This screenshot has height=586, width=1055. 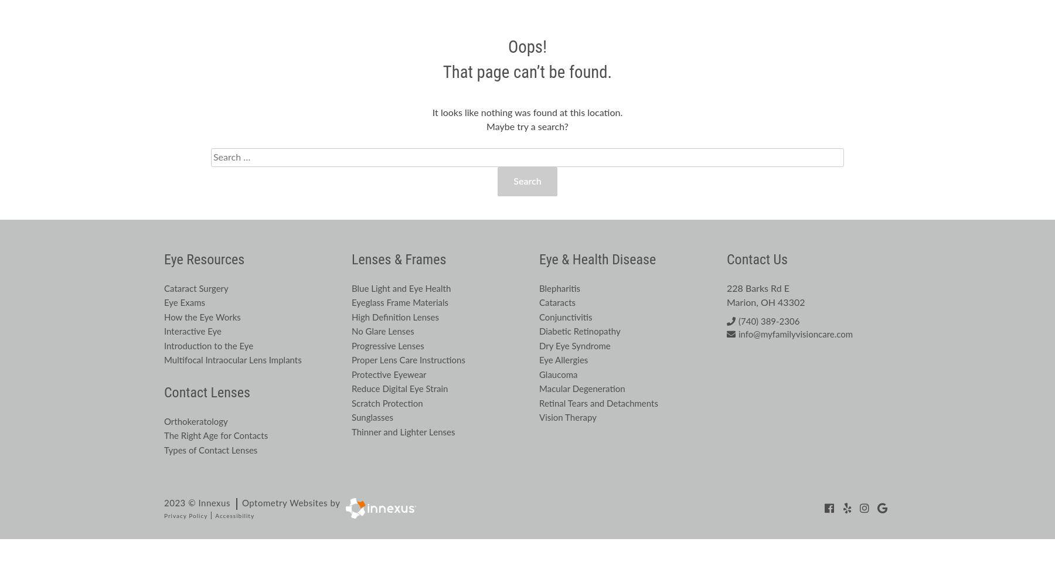 I want to click on 'info@myfamilyvisioncare.com', so click(x=738, y=334).